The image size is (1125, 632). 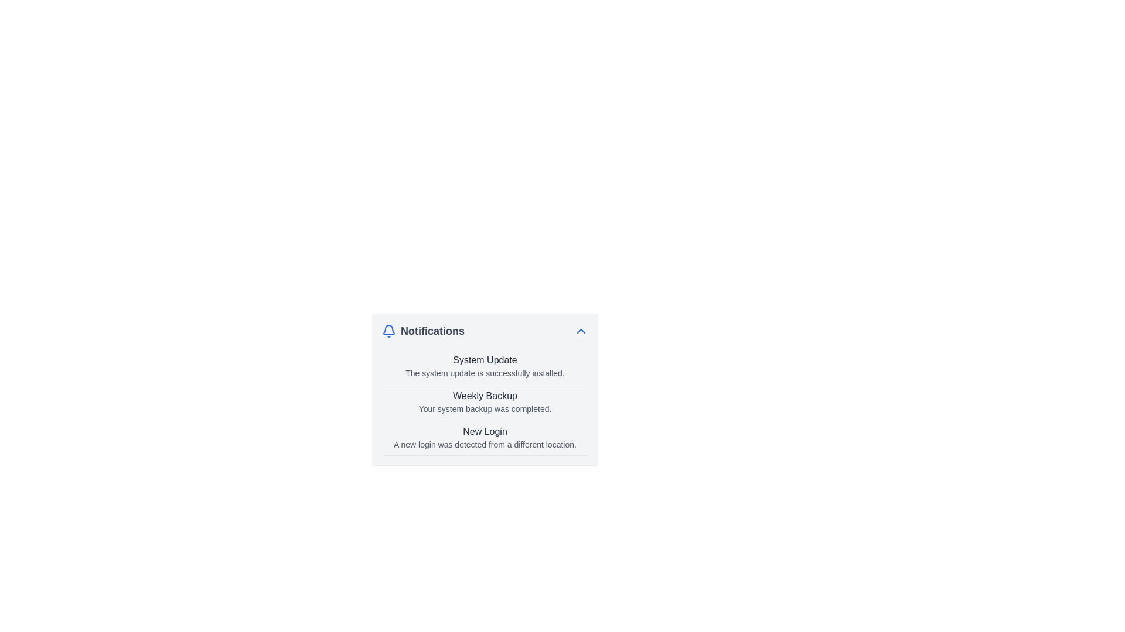 I want to click on the chevron icon button located in the header of the notifications section, so click(x=581, y=331).